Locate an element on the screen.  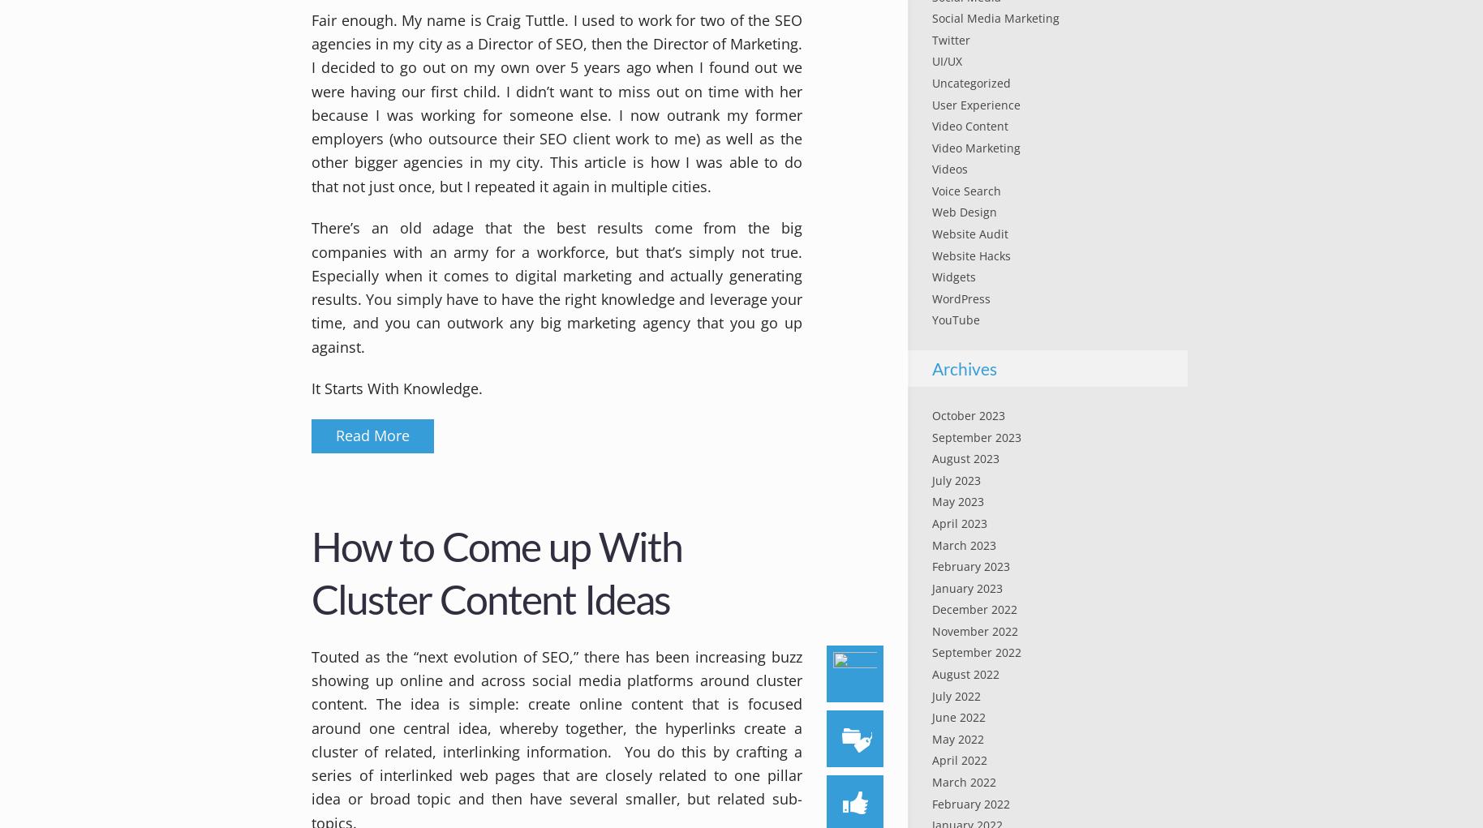
'February 2022' is located at coordinates (969, 803).